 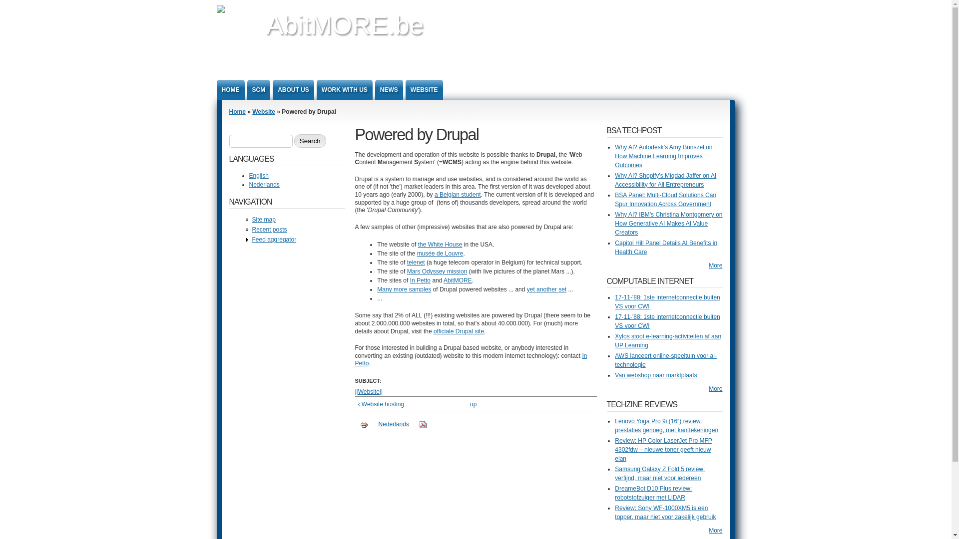 I want to click on 'telenet', so click(x=416, y=262).